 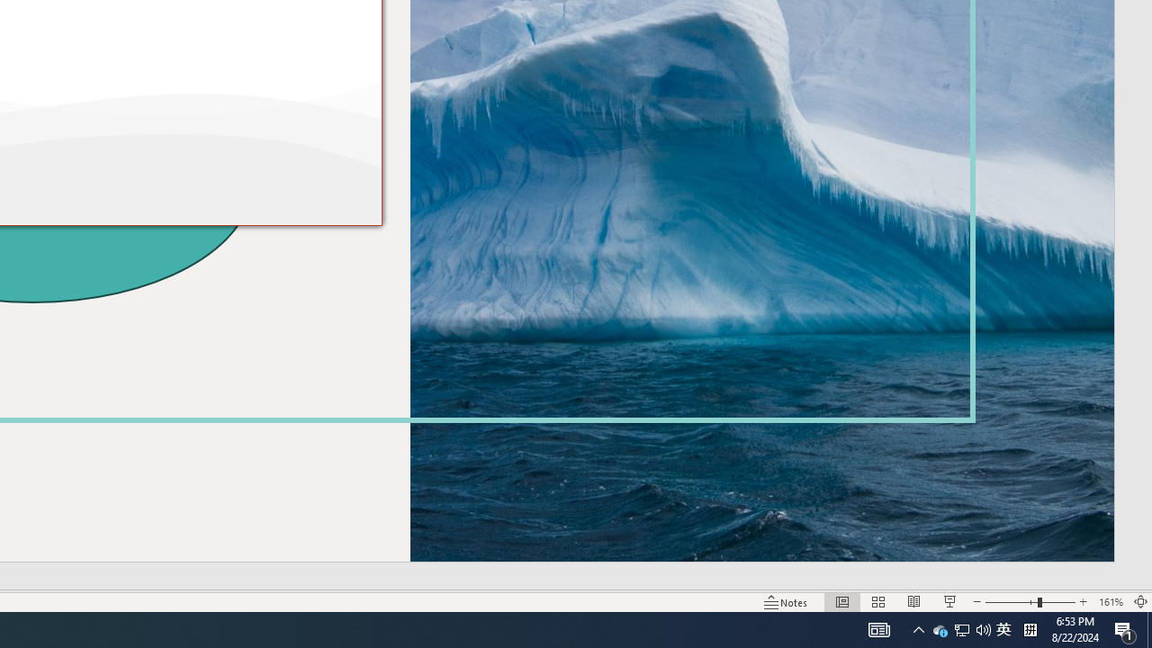 I want to click on 'Action Center, 1 new notification', so click(x=1125, y=628).